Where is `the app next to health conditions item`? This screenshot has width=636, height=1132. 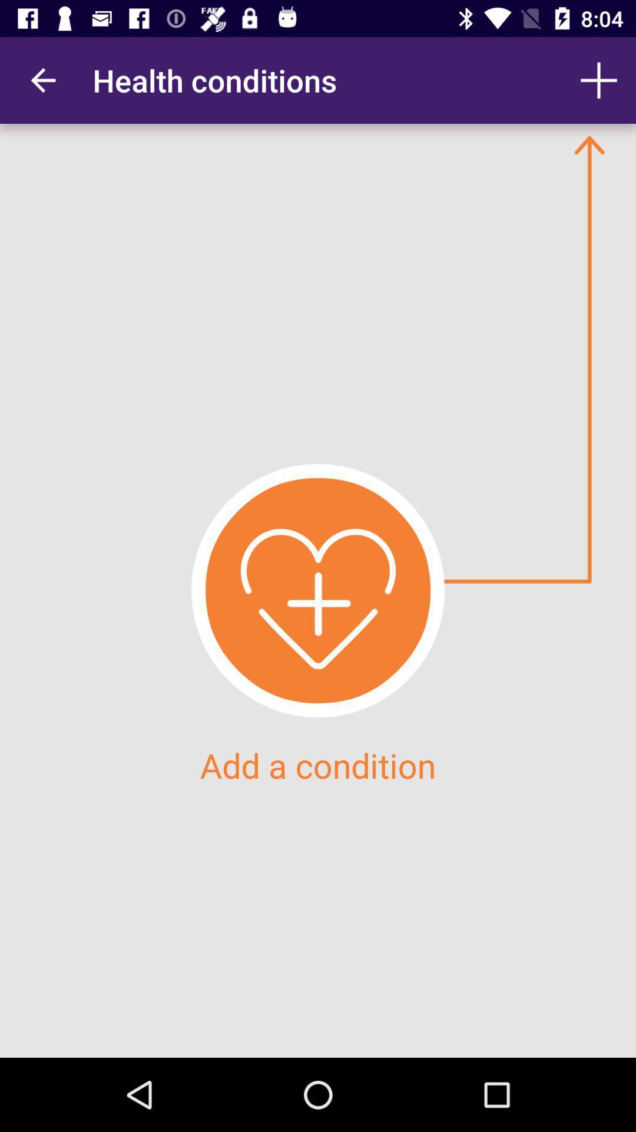
the app next to health conditions item is located at coordinates (42, 80).